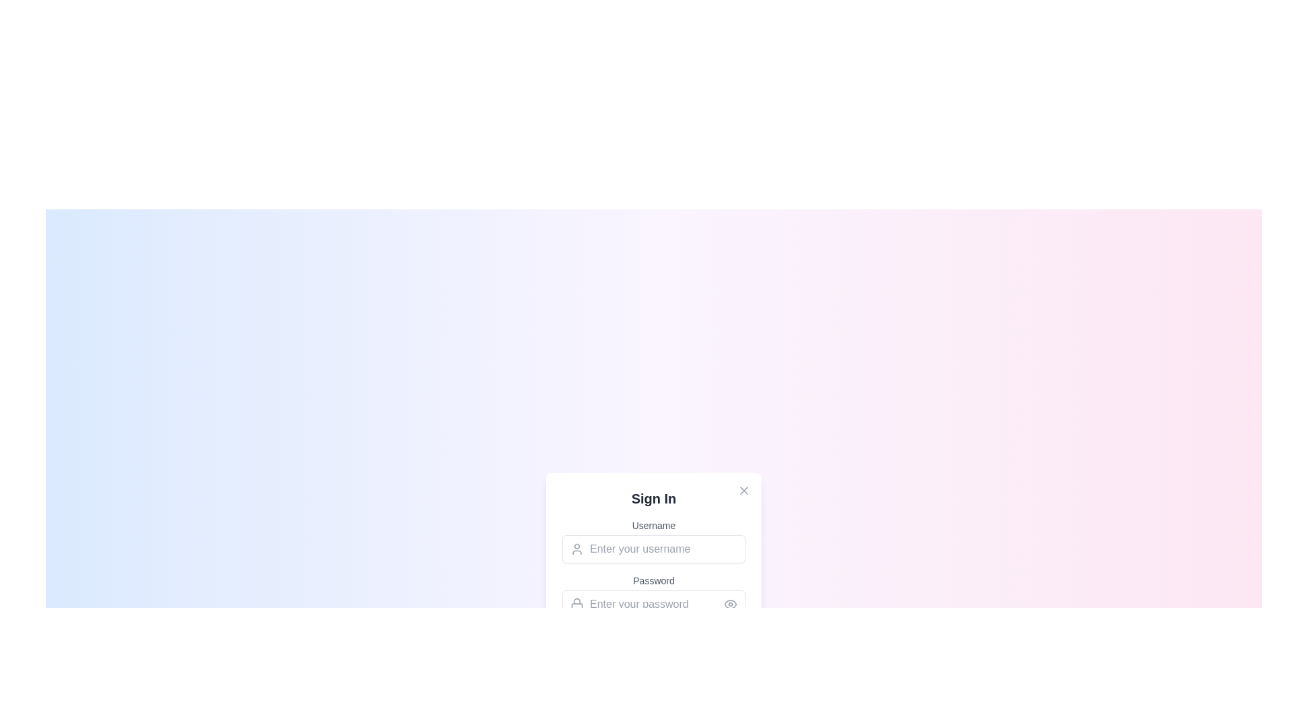 Image resolution: width=1293 pixels, height=727 pixels. I want to click on the password icon positioned to the left of the password input field, serving as a visual cue for protected entry, so click(577, 604).